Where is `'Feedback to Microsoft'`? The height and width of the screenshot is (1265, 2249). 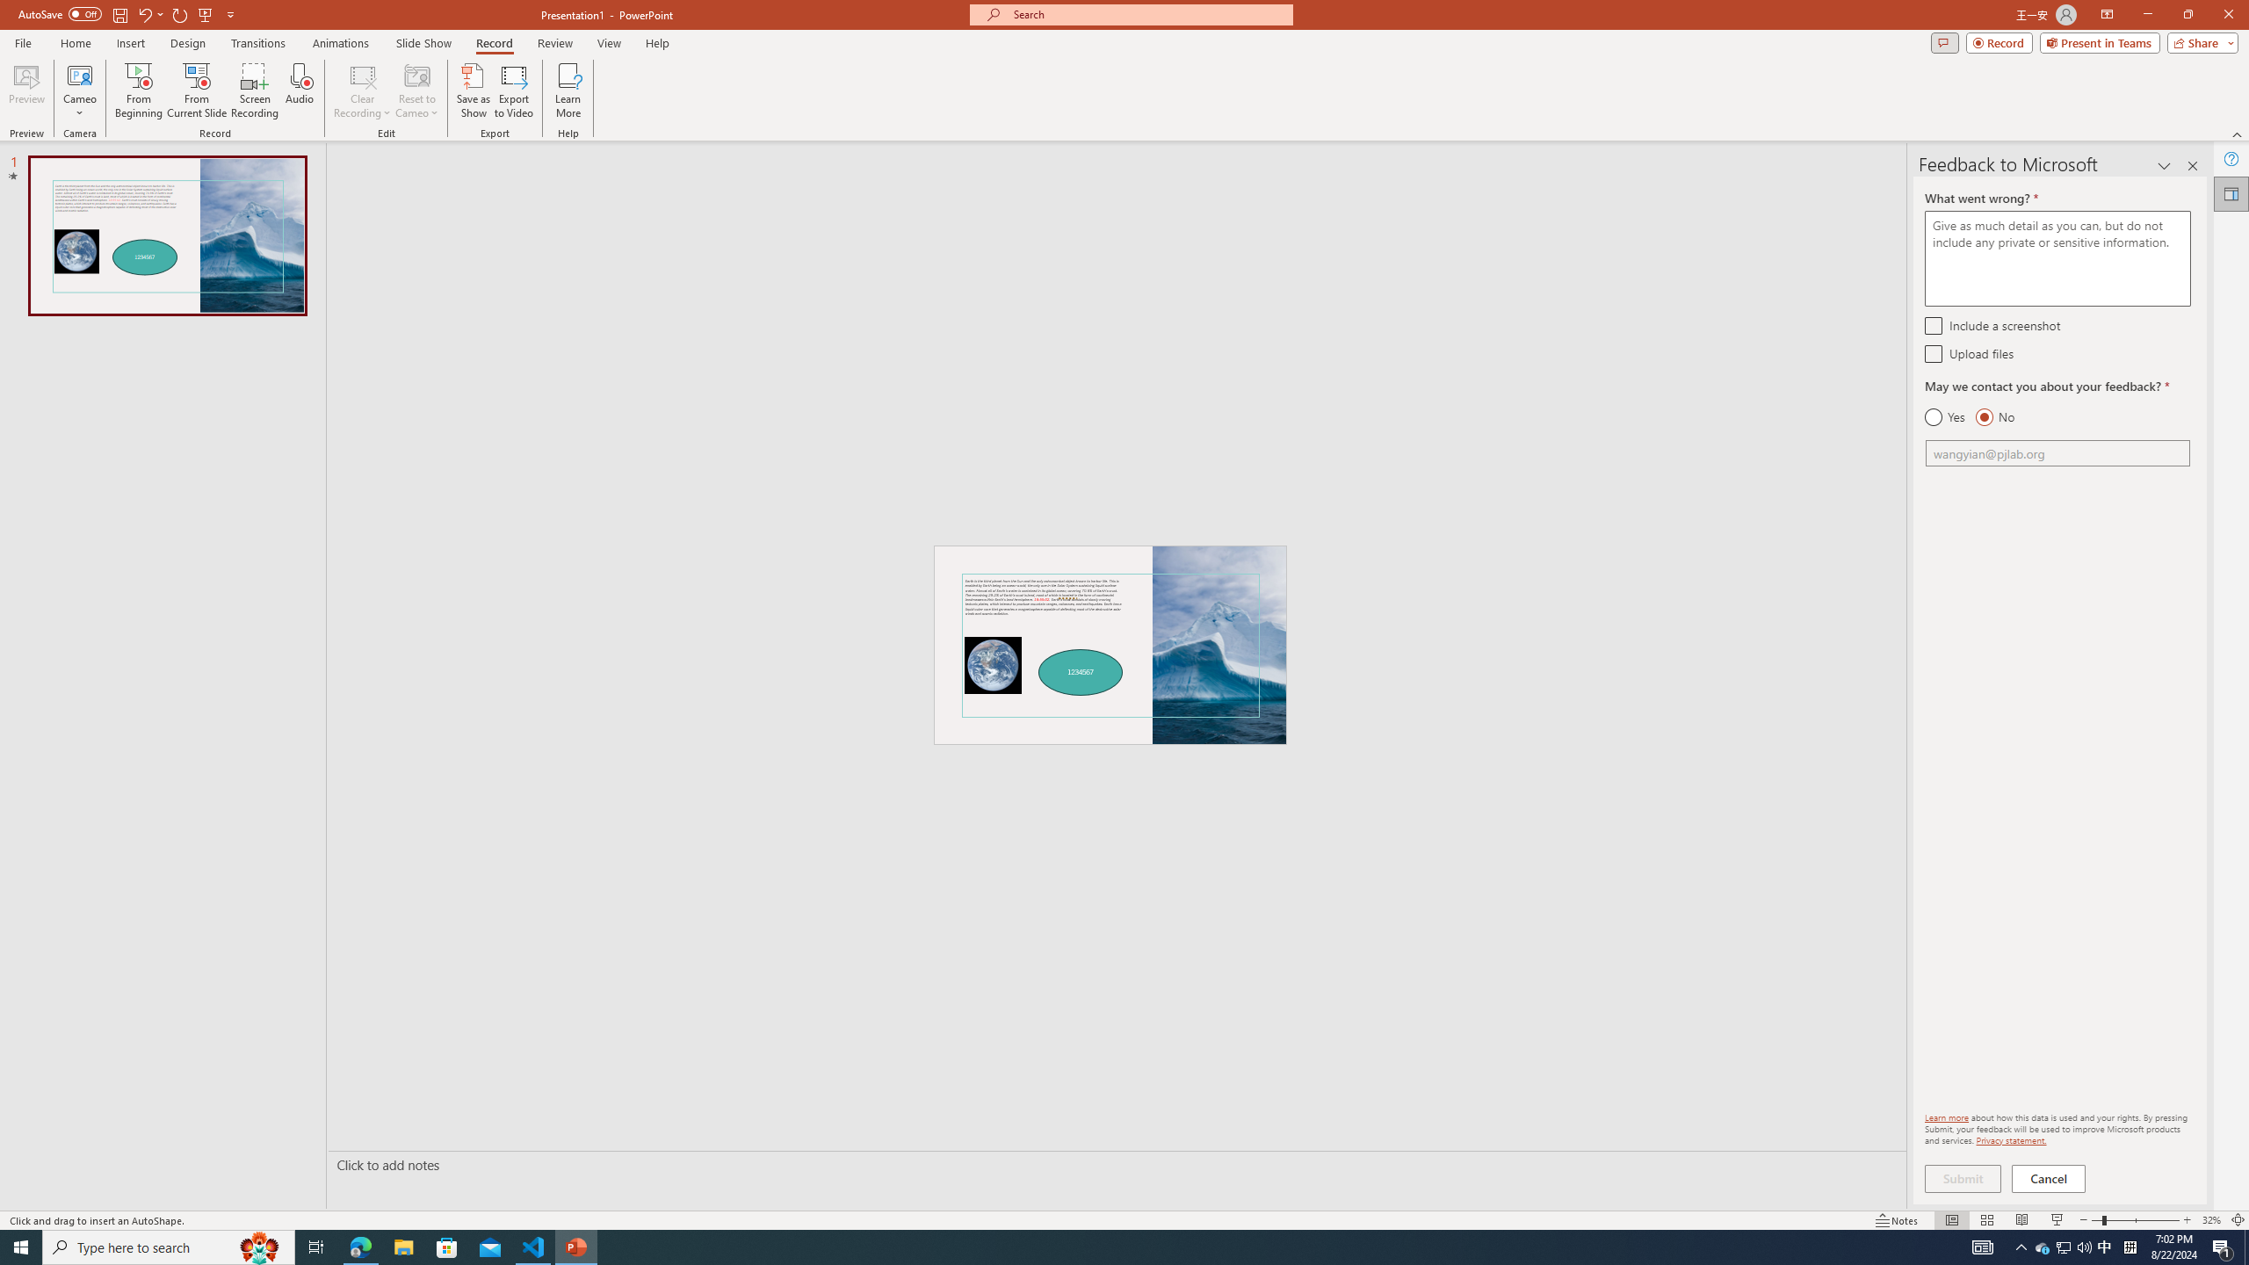 'Feedback to Microsoft' is located at coordinates (2231, 194).